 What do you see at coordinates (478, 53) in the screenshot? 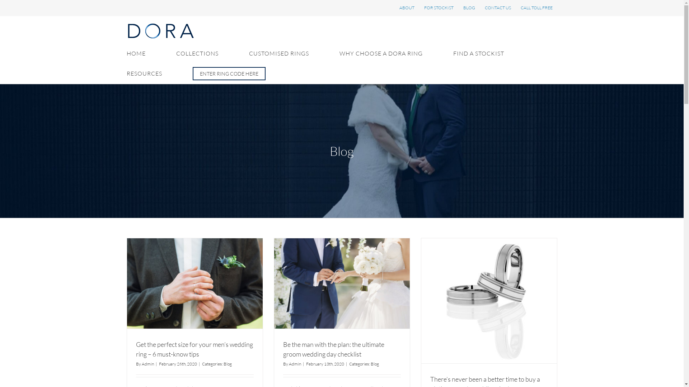
I see `'FIND A STOCKIST'` at bounding box center [478, 53].